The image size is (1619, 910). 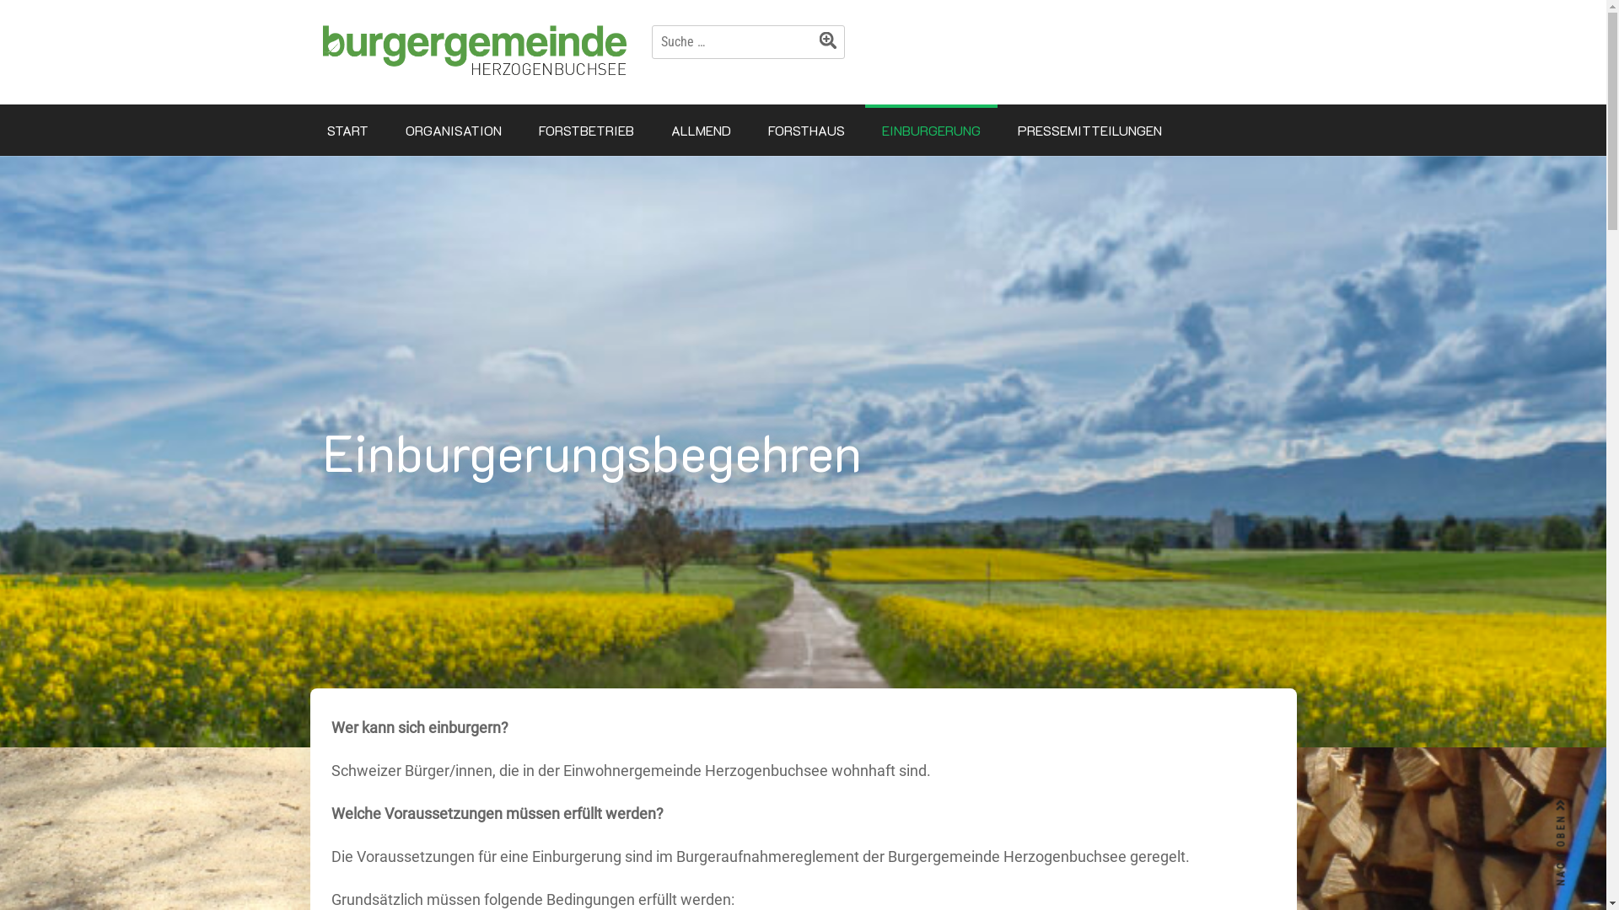 What do you see at coordinates (1089, 129) in the screenshot?
I see `'PRESSEMITTEILUNGEN'` at bounding box center [1089, 129].